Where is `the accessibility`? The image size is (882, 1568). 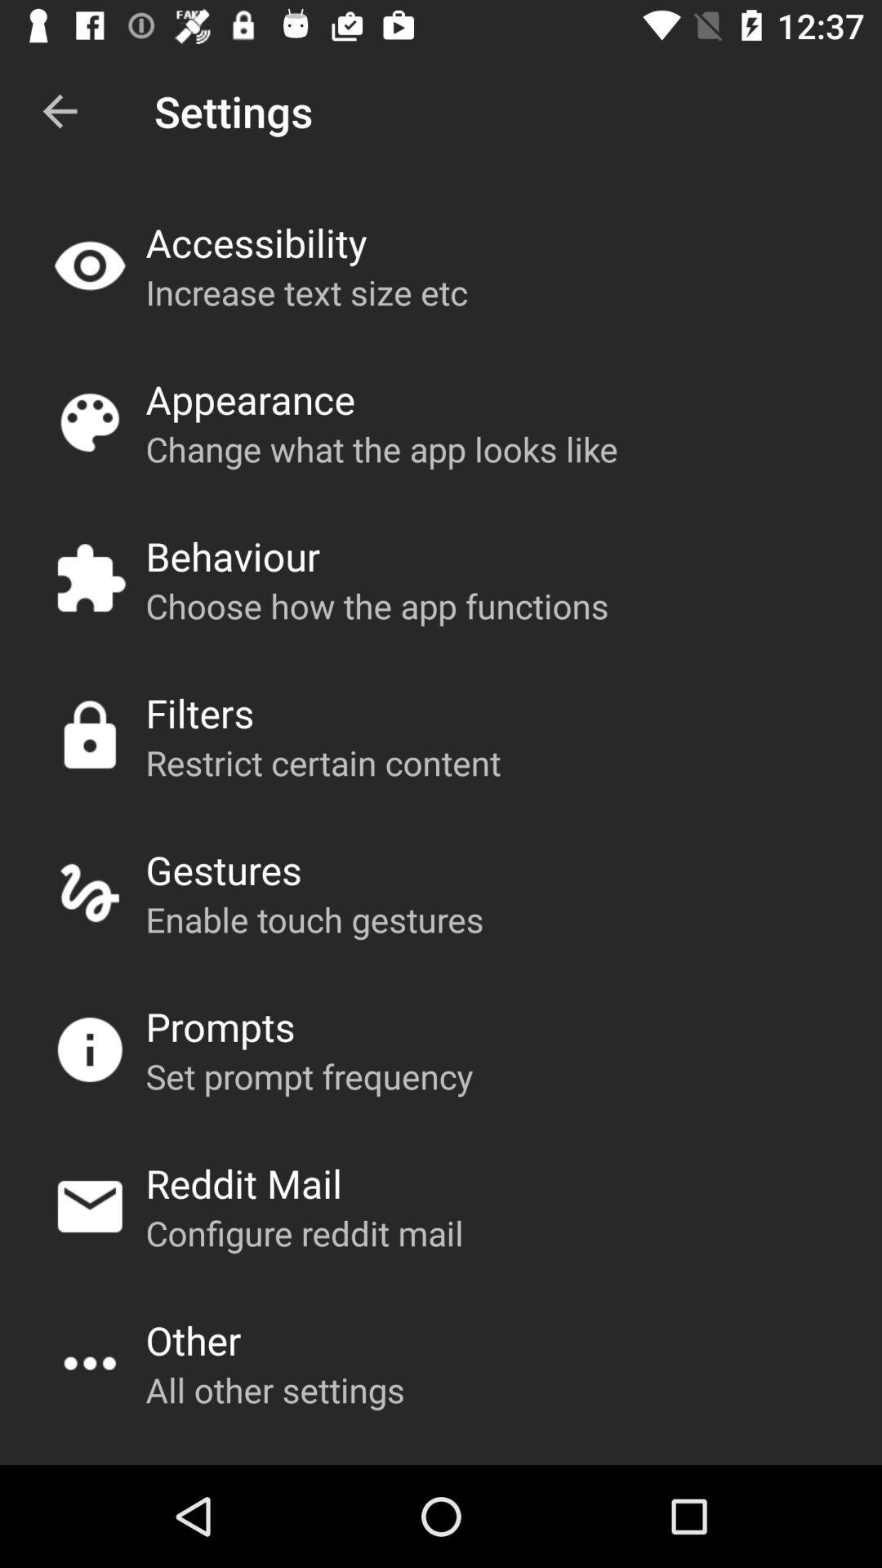 the accessibility is located at coordinates (256, 242).